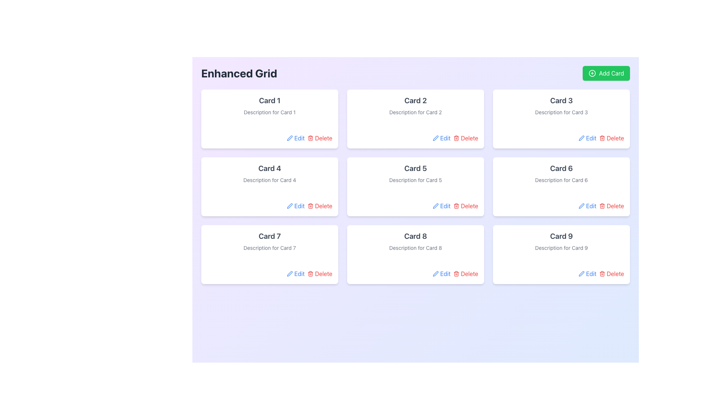 The width and height of the screenshot is (709, 398). I want to click on the textual display area located in the bottom-right card, which provides a label and description for categorization or identification, so click(561, 241).